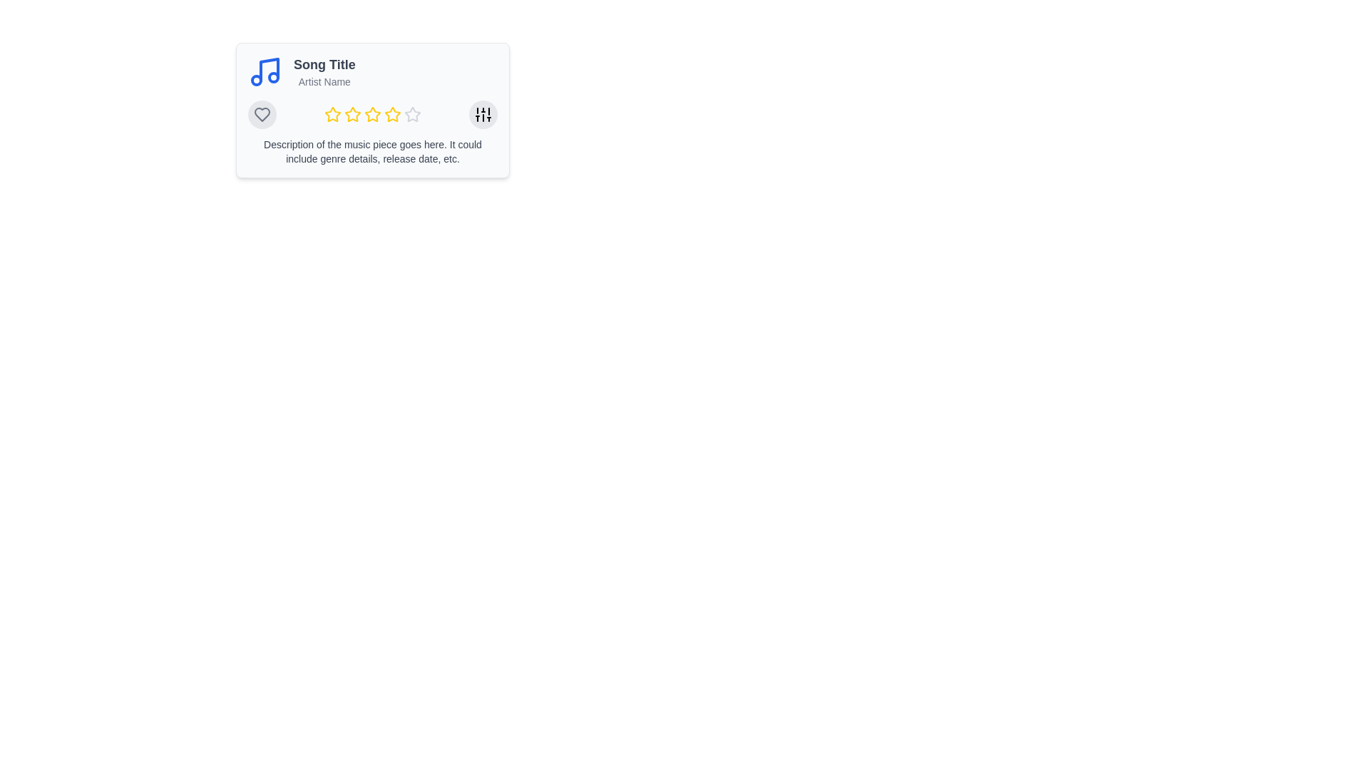 Image resolution: width=1369 pixels, height=770 pixels. What do you see at coordinates (373, 114) in the screenshot?
I see `the middle rating star` at bounding box center [373, 114].